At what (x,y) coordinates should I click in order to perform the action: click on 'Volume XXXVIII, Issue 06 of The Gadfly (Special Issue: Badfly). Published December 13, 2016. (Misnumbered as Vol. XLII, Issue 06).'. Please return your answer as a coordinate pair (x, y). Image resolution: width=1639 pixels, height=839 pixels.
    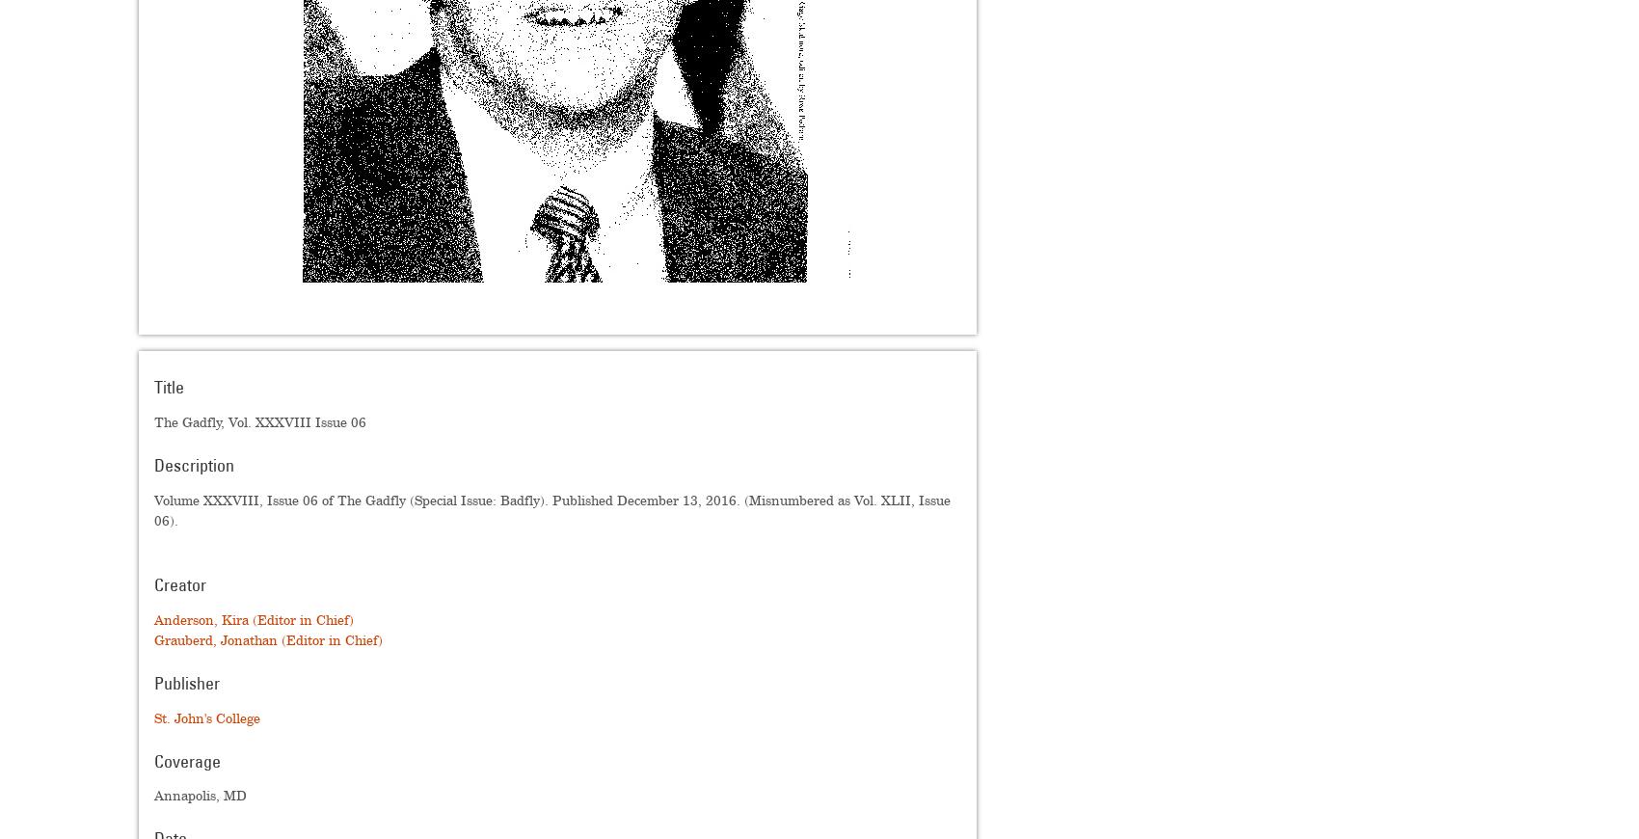
    Looking at the image, I should click on (152, 508).